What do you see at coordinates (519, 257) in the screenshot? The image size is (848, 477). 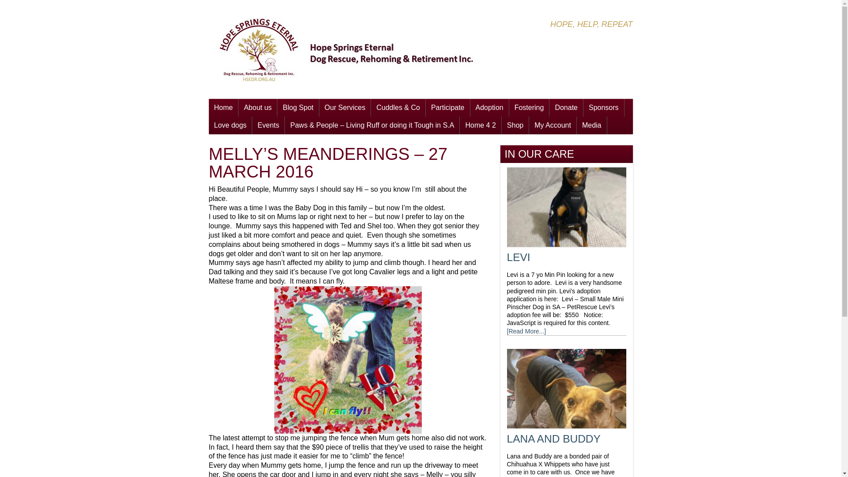 I see `'LEVI'` at bounding box center [519, 257].